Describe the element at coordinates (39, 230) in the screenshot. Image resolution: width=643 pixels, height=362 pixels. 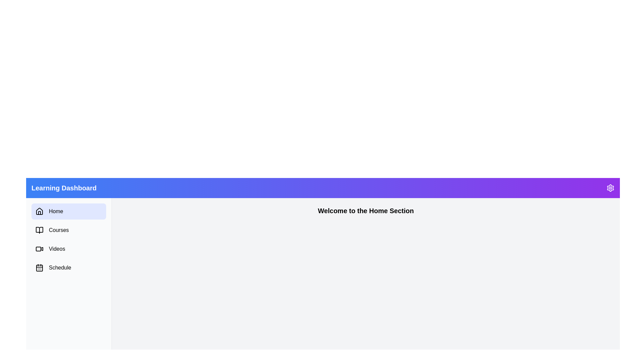
I see `the decorative icon for the 'Courses' menu item located in the side navigation panel, positioned to the left of the 'Courses' text` at that location.